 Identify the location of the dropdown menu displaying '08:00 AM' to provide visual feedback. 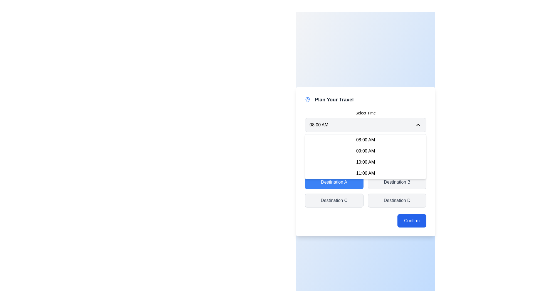
(365, 125).